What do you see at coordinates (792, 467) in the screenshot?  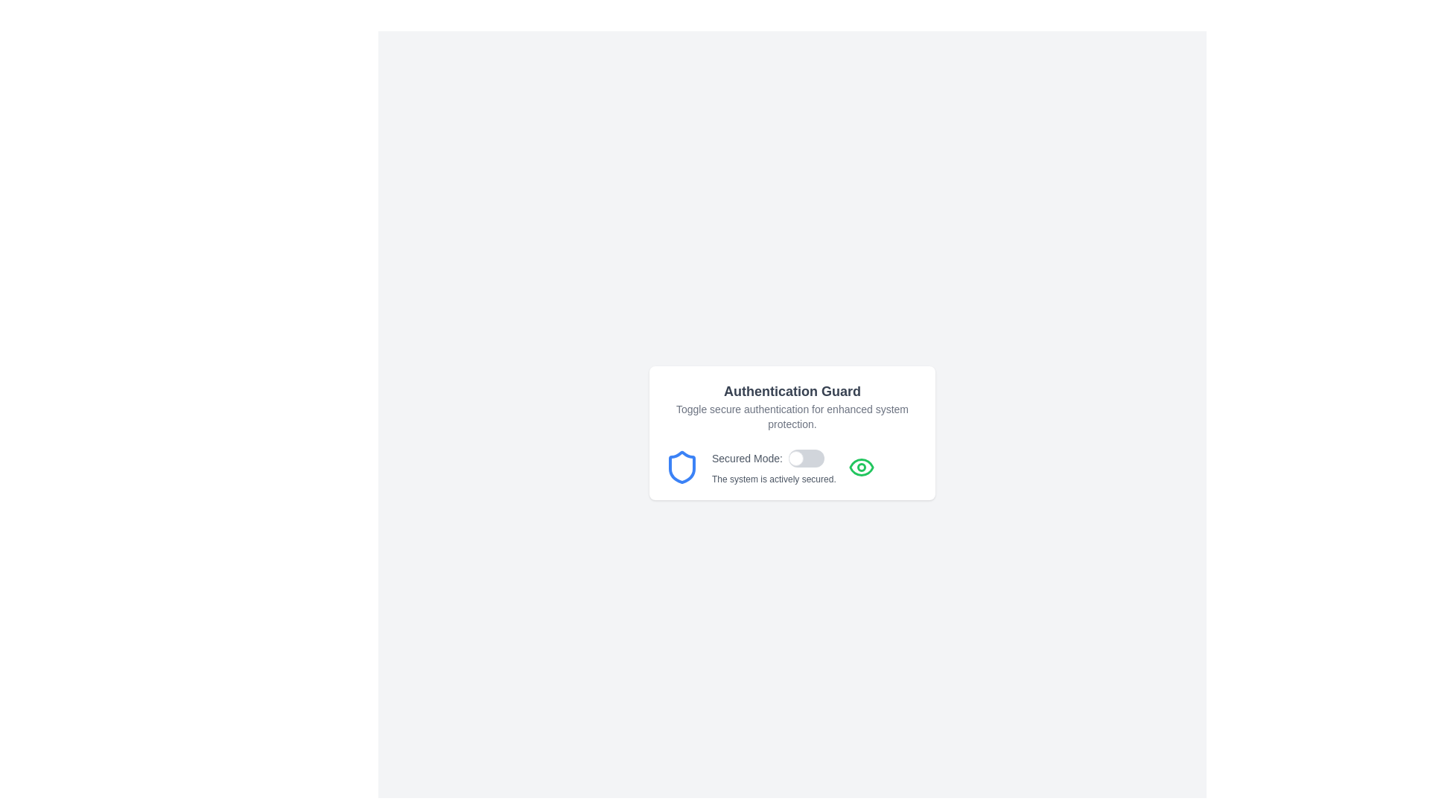 I see `the mixed component consisting of a blue shield icon, toggle switch, and green eye icon for more information` at bounding box center [792, 467].